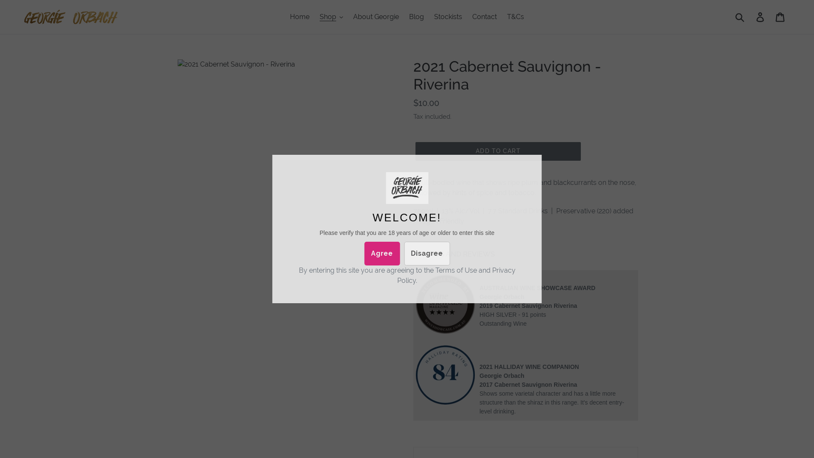 This screenshot has height=458, width=814. What do you see at coordinates (447, 17) in the screenshot?
I see `'Stockists'` at bounding box center [447, 17].